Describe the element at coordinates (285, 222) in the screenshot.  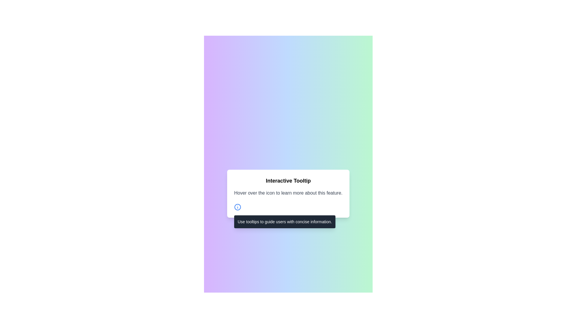
I see `the tooltip that provides supplementary information about a feature, positioned directly below the information icon in the informational box` at that location.